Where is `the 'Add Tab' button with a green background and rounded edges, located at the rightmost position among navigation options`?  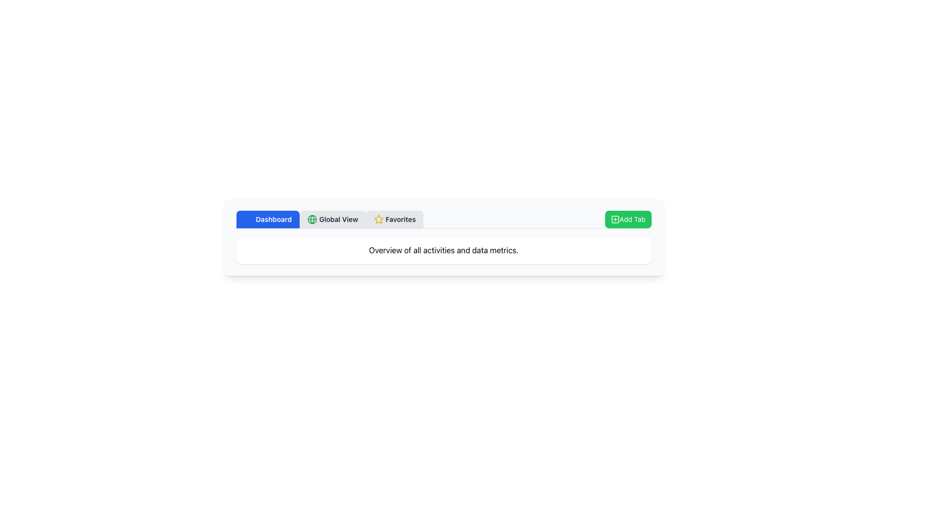
the 'Add Tab' button with a green background and rounded edges, located at the rightmost position among navigation options is located at coordinates (628, 219).